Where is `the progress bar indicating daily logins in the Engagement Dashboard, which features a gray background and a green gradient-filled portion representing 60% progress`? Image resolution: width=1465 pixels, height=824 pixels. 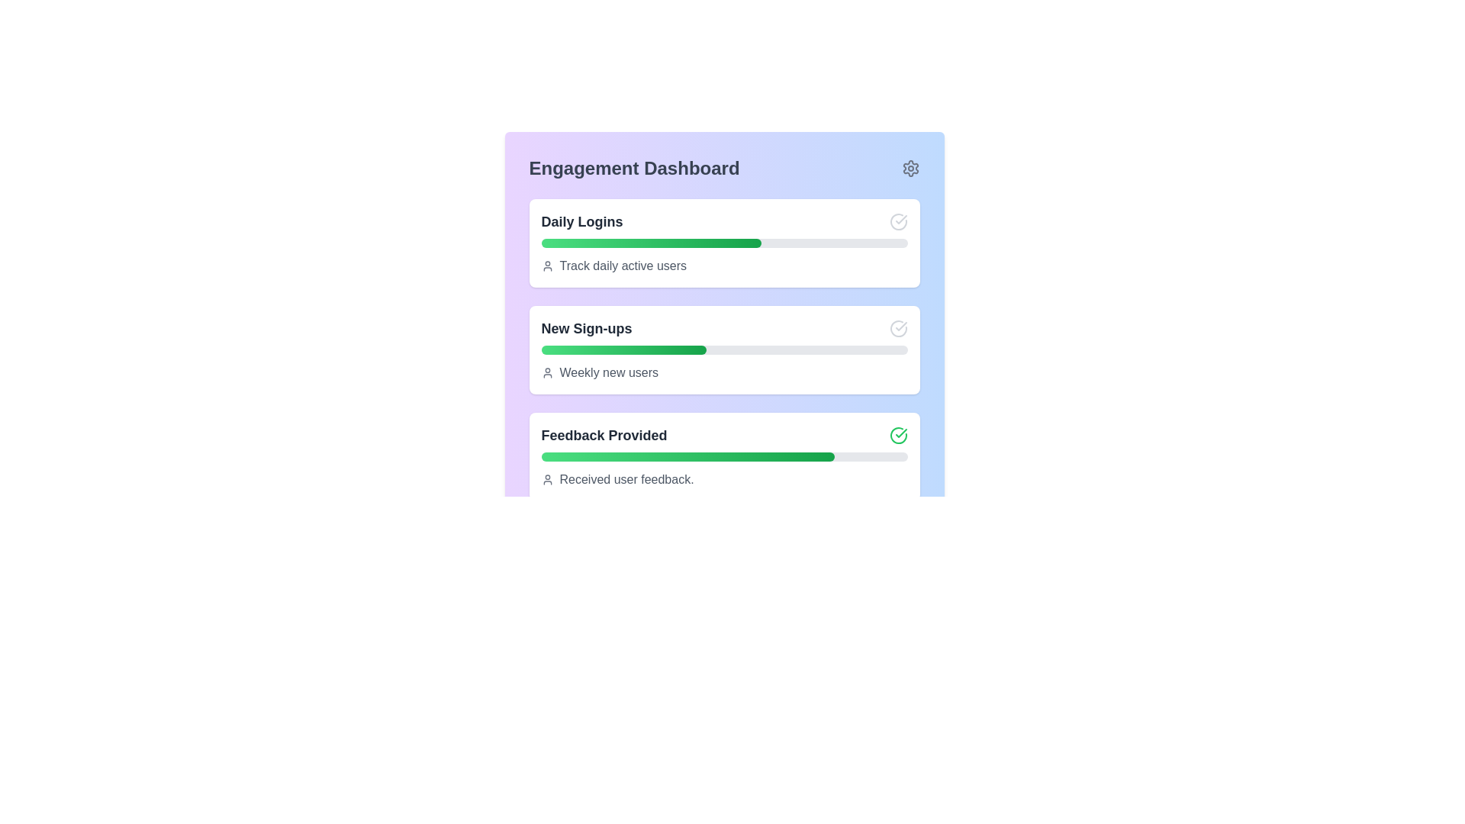
the progress bar indicating daily logins in the Engagement Dashboard, which features a gray background and a green gradient-filled portion representing 60% progress is located at coordinates (723, 243).